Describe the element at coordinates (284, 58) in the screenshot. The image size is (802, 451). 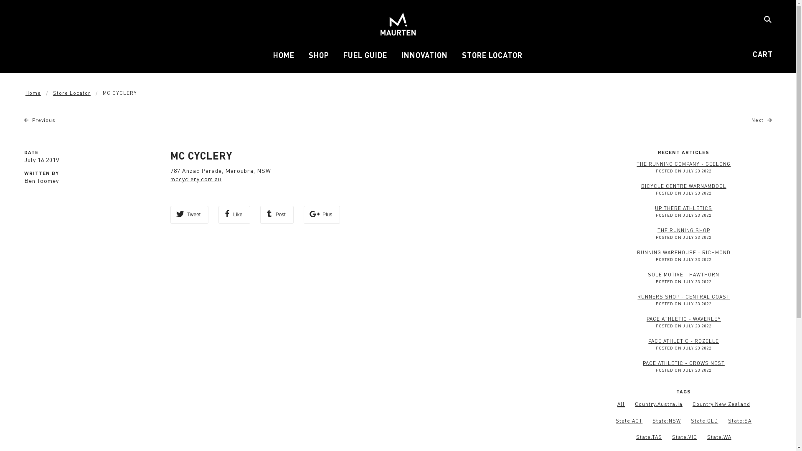
I see `'HOME'` at that location.